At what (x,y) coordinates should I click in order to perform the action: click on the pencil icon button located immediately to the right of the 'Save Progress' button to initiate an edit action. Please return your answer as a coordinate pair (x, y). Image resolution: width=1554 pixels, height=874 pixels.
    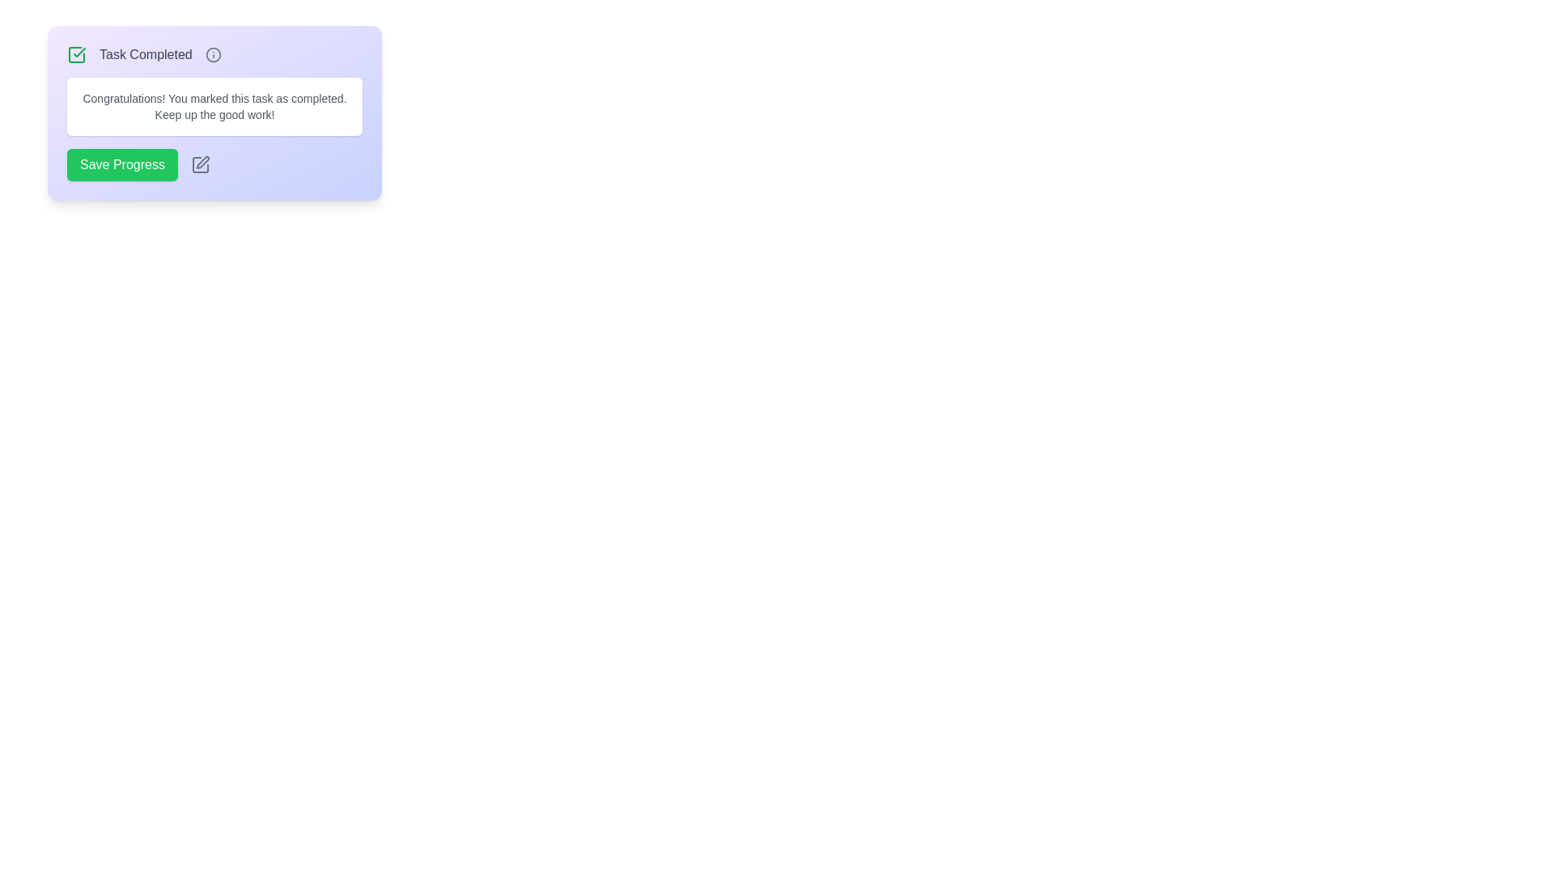
    Looking at the image, I should click on (199, 165).